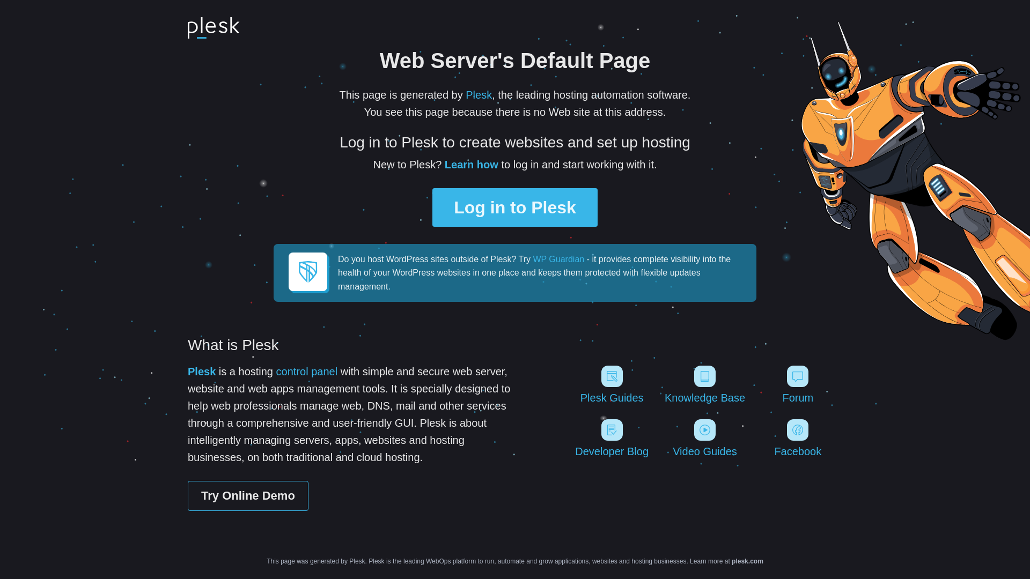  I want to click on 'Log in to Plesk', so click(515, 207).